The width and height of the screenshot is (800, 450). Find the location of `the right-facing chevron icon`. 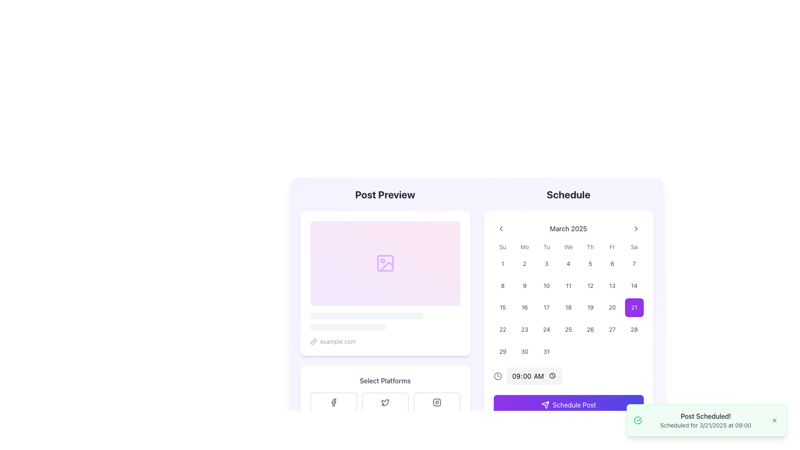

the right-facing chevron icon is located at coordinates (635, 228).